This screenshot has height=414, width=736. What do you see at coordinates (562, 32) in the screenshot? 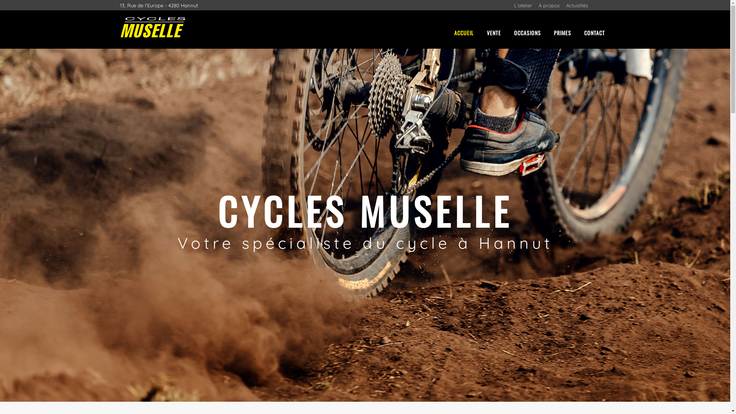
I see `'PRIMES'` at bounding box center [562, 32].